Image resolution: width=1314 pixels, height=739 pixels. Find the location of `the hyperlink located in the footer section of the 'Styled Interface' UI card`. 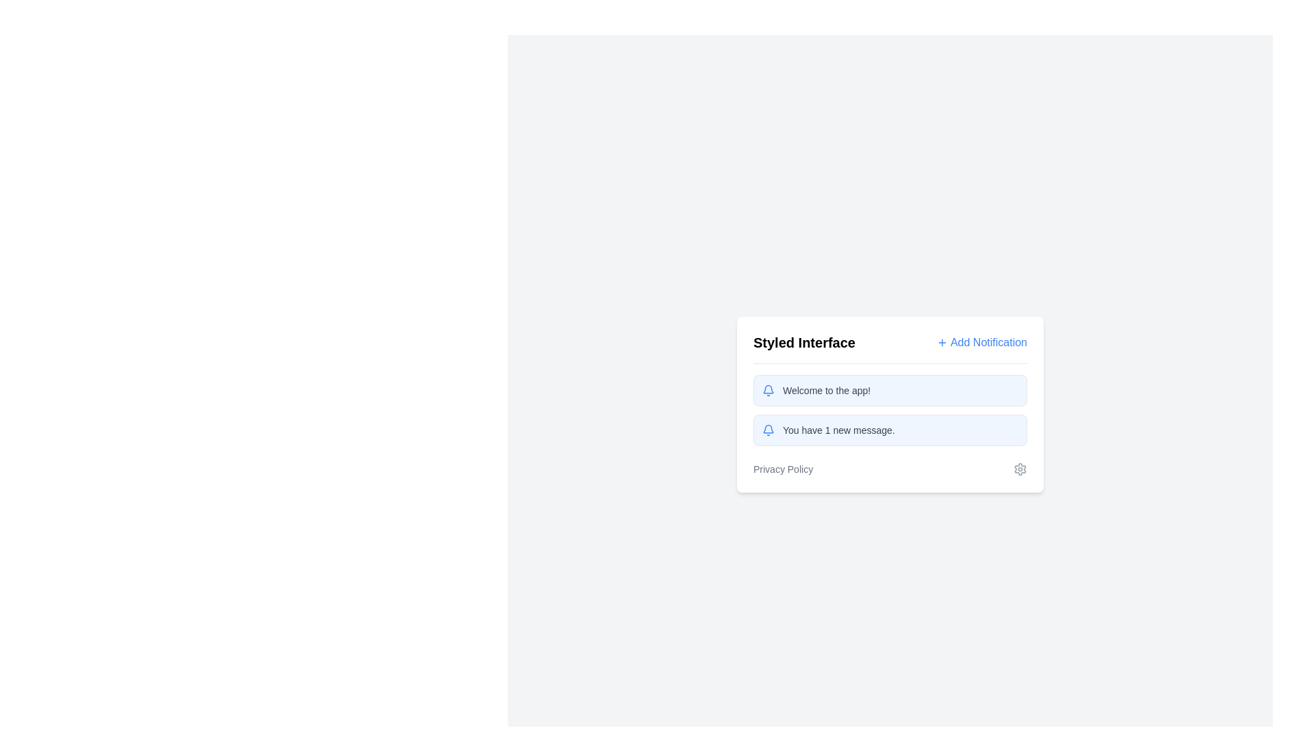

the hyperlink located in the footer section of the 'Styled Interface' UI card is located at coordinates (783, 468).